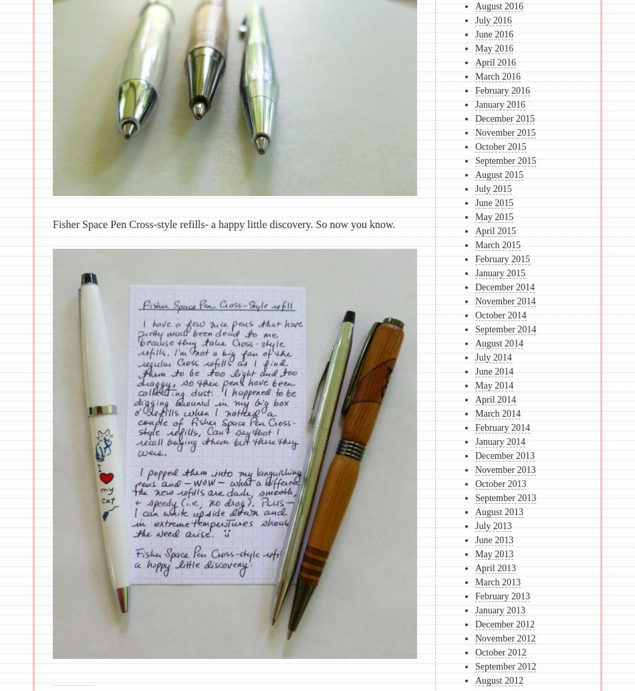  What do you see at coordinates (495, 568) in the screenshot?
I see `'April 2013'` at bounding box center [495, 568].